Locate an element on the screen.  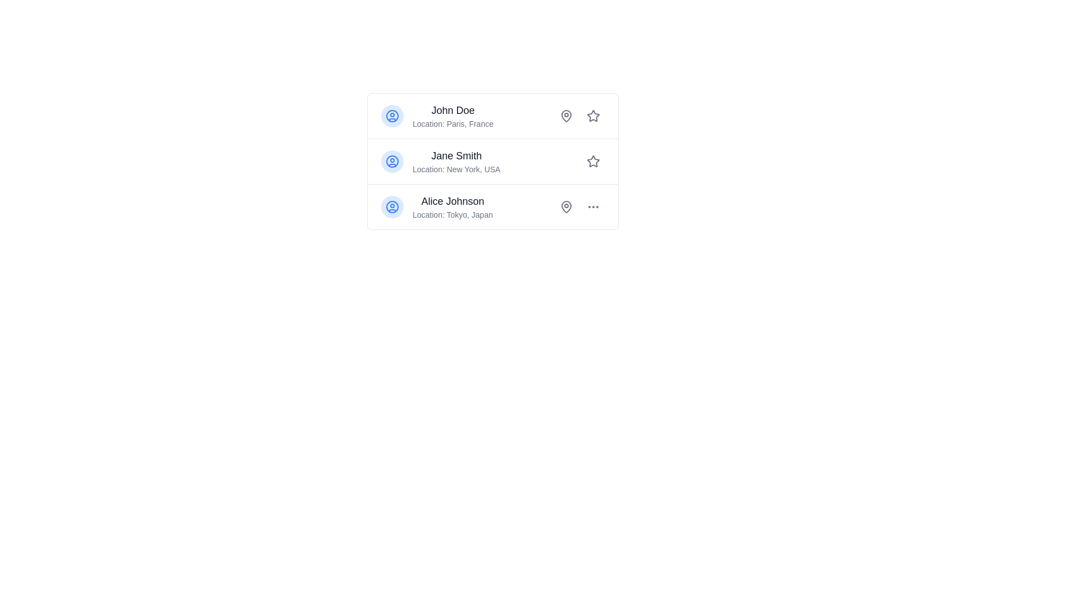
the icon button located at the far-right side of the horizontal layout of icons, which is the second element in the group is located at coordinates (592, 207).